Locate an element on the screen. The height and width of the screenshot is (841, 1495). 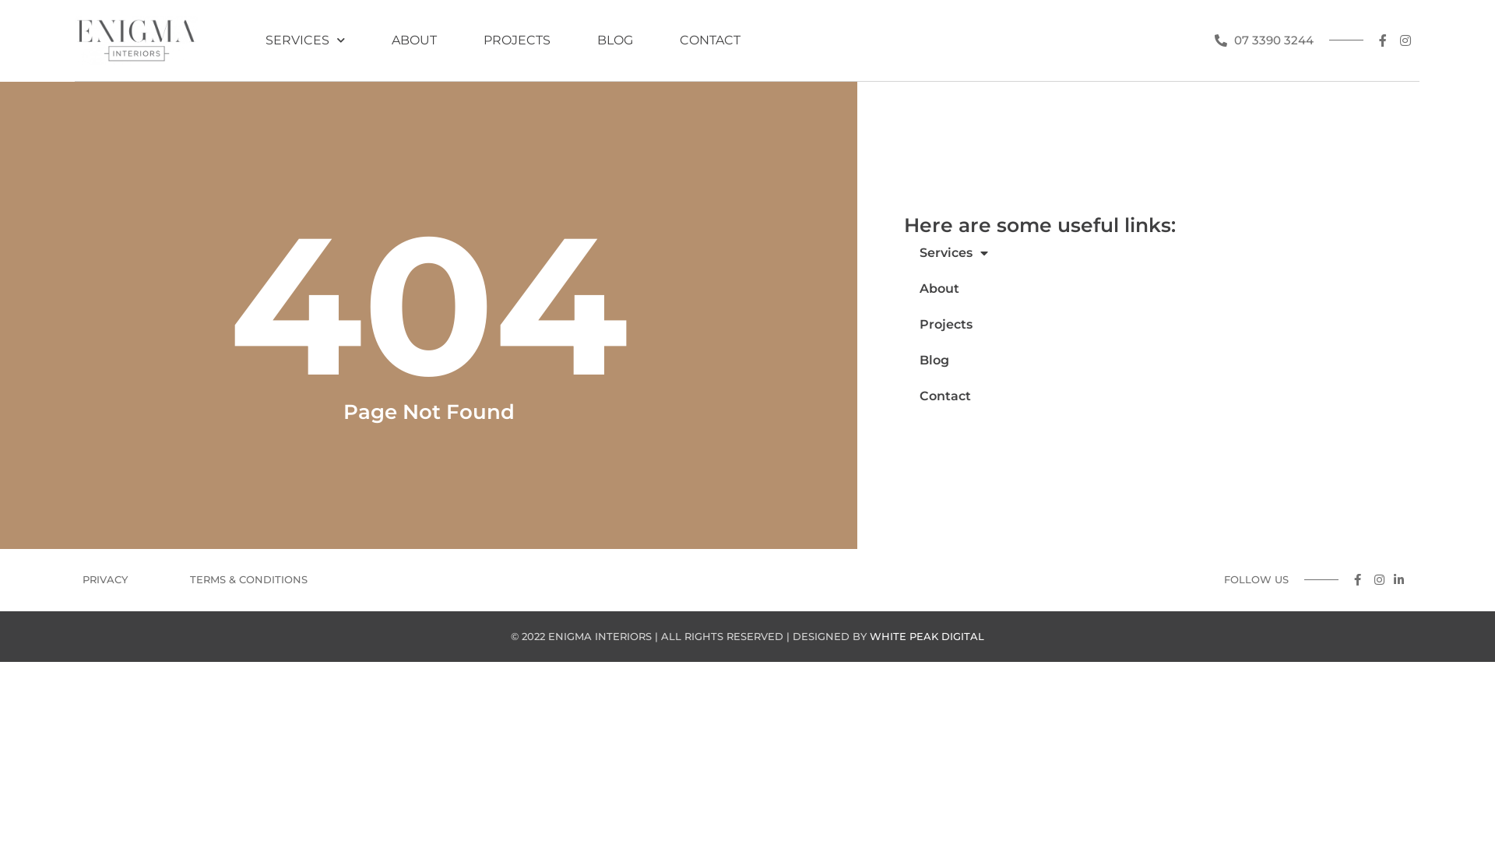
'PROJECTS' is located at coordinates (516, 39).